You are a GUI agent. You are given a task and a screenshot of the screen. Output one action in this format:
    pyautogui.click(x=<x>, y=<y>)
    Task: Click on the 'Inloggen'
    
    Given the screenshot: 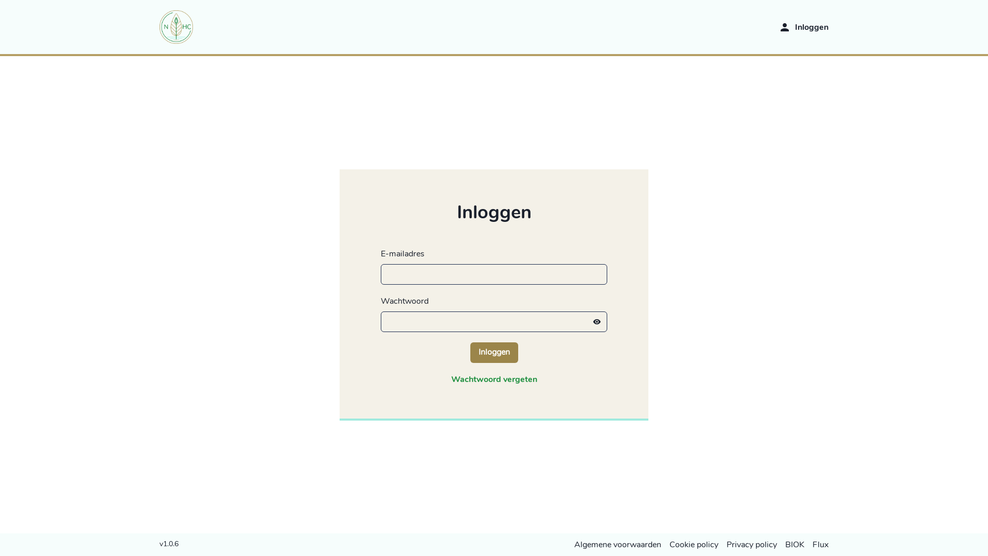 What is the action you would take?
    pyautogui.click(x=494, y=352)
    